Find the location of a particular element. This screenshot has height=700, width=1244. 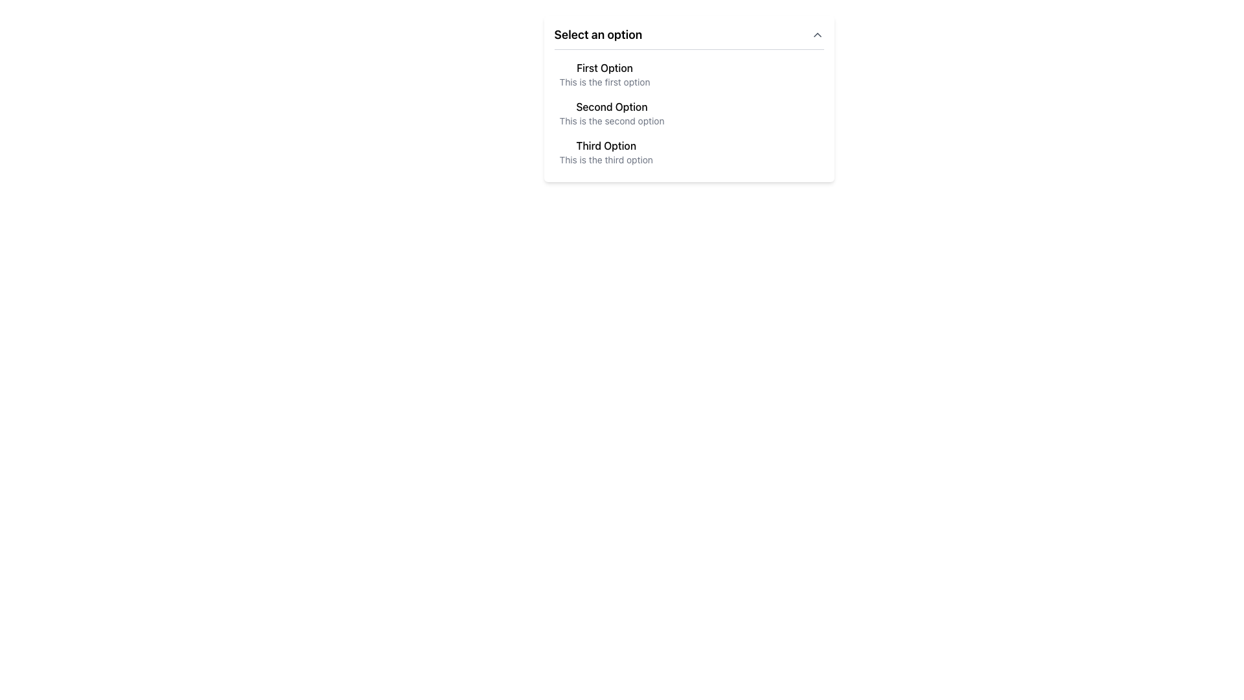

the text label 'Second Option' in the dropdown menu to initiate selection is located at coordinates (611, 106).